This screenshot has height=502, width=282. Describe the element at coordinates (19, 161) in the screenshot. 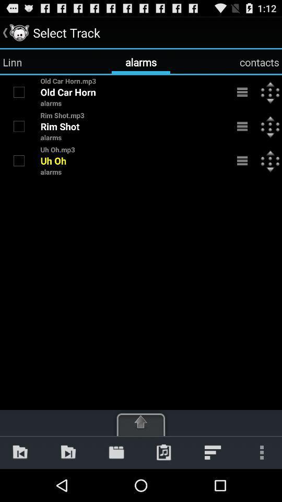

I see `the alarm tone` at that location.